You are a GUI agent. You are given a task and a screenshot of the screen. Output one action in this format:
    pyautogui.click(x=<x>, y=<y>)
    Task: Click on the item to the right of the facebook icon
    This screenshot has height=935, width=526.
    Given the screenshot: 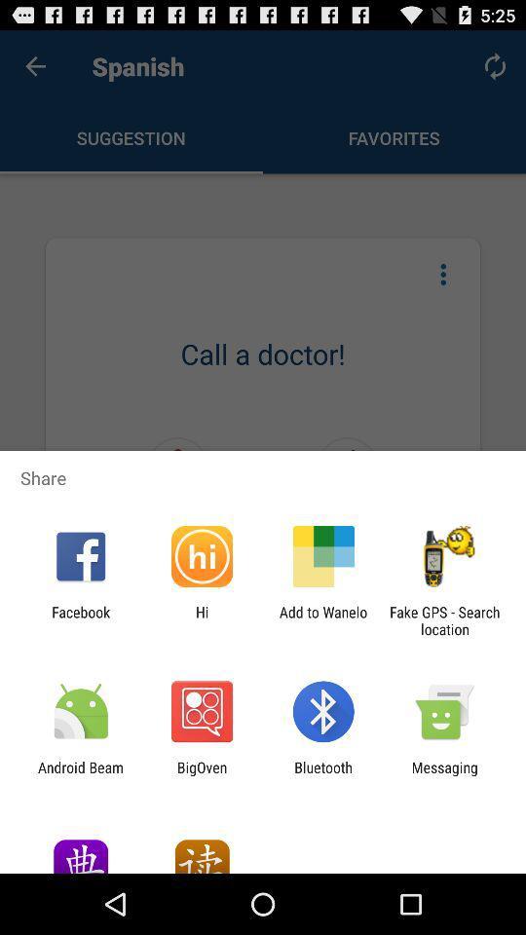 What is the action you would take?
    pyautogui.click(x=201, y=619)
    